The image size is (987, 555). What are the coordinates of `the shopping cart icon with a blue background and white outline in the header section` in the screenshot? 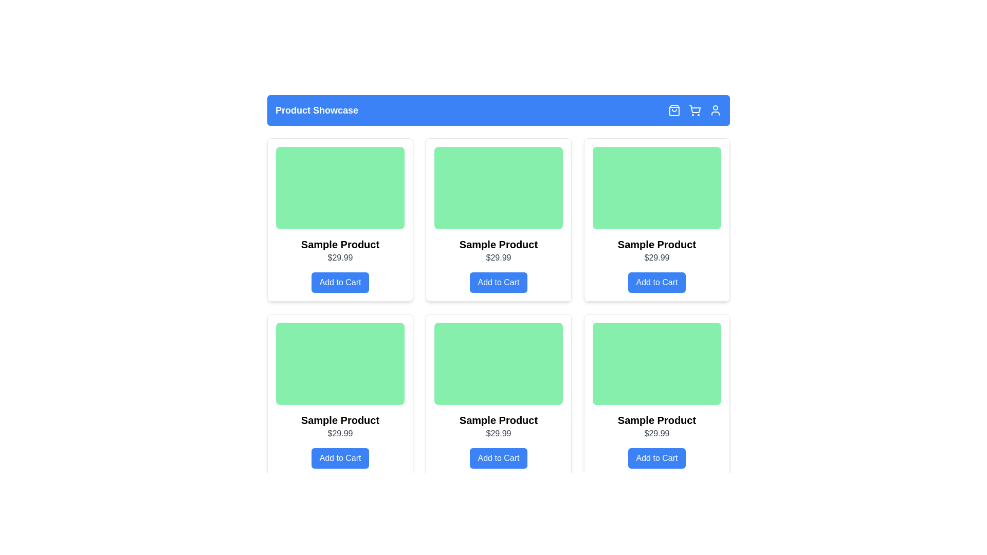 It's located at (695, 110).